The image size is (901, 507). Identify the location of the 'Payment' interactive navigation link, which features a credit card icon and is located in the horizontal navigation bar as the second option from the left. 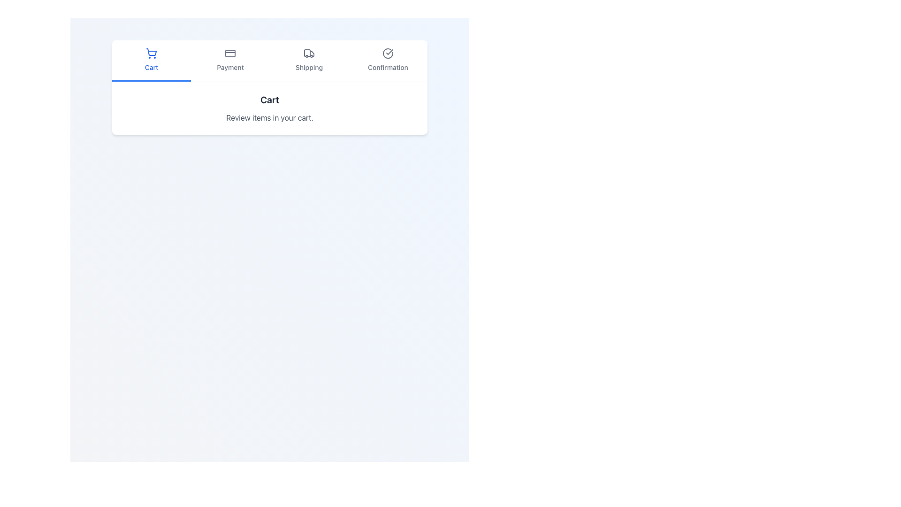
(230, 60).